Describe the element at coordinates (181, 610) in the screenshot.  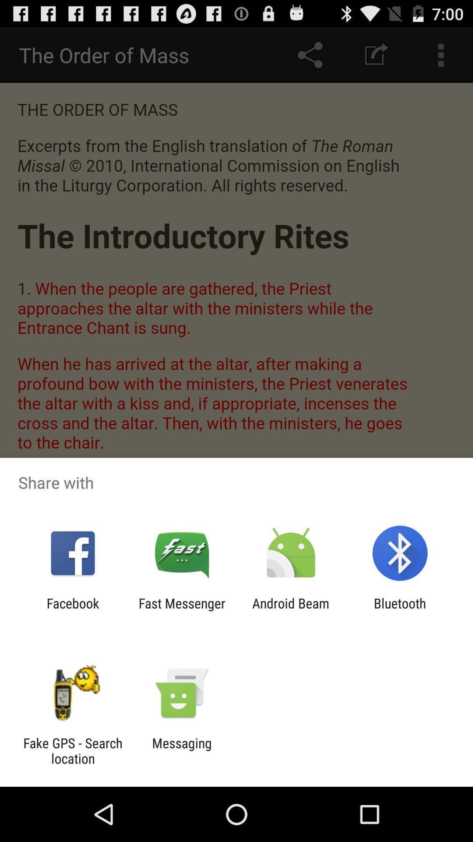
I see `the icon next to facebook item` at that location.